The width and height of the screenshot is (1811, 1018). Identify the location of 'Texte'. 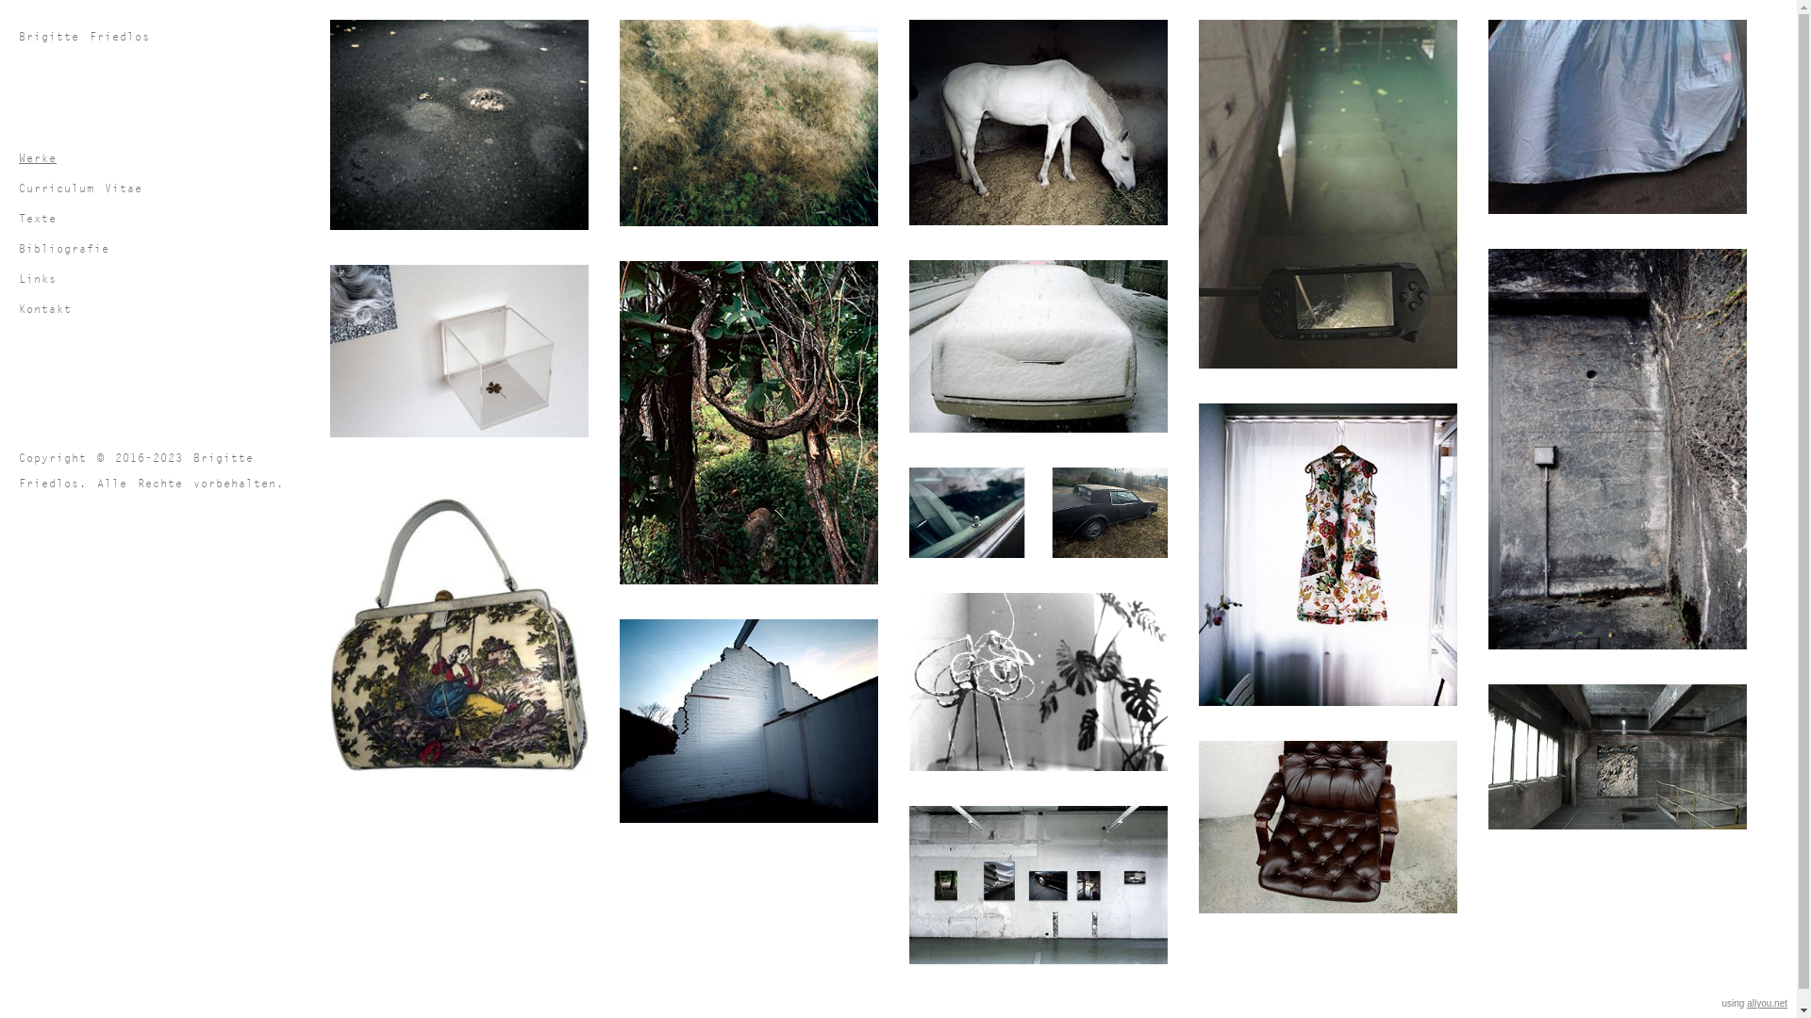
(170, 217).